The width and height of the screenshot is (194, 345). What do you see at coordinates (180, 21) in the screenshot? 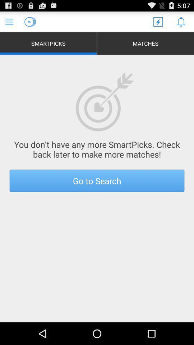
I see `alarm` at bounding box center [180, 21].